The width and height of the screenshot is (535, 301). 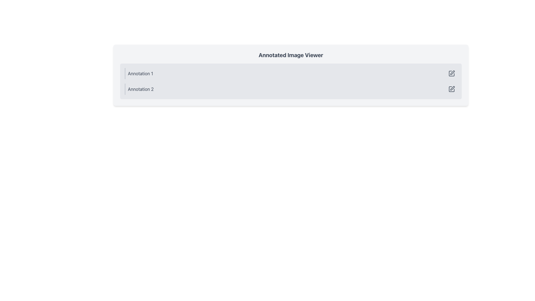 What do you see at coordinates (452, 89) in the screenshot?
I see `the edit icon, which is a small pen inside a square, located on the rightmost side of the row labeled 'Annotation 2'` at bounding box center [452, 89].